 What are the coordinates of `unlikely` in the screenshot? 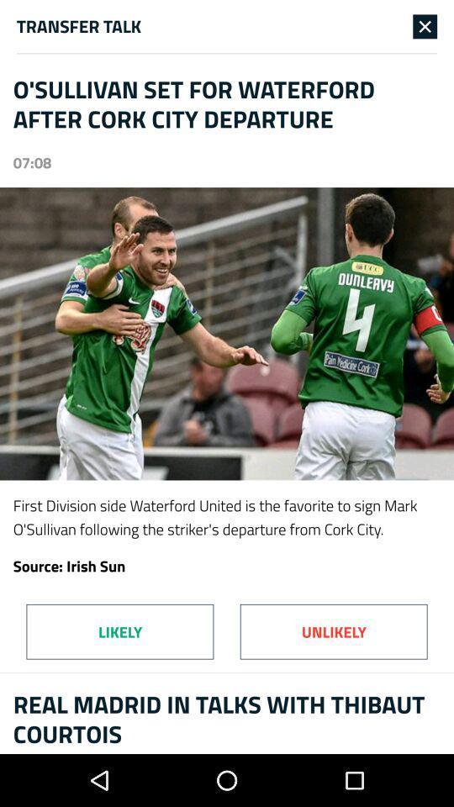 It's located at (334, 630).